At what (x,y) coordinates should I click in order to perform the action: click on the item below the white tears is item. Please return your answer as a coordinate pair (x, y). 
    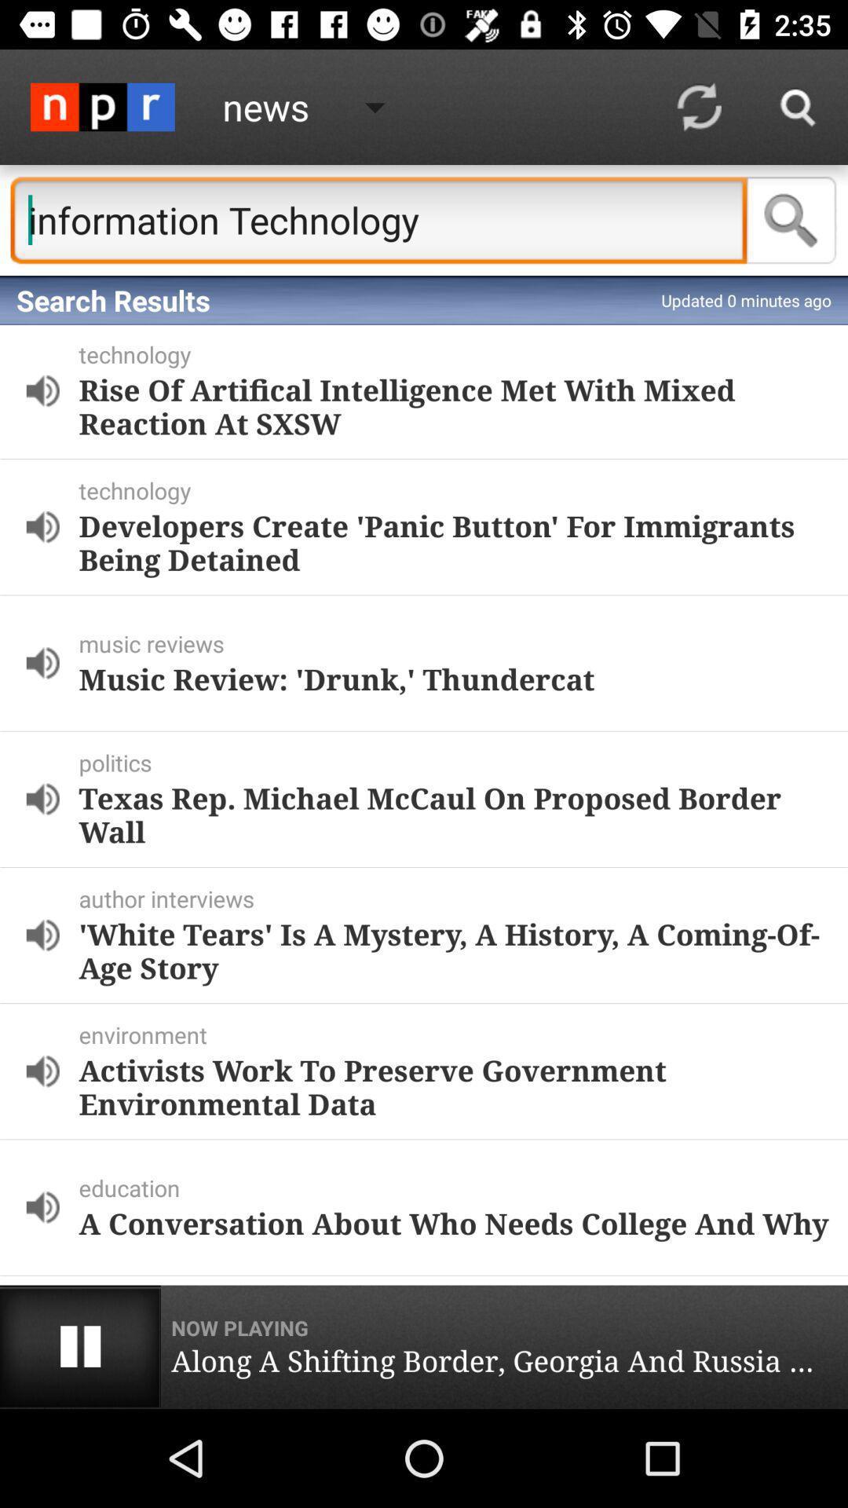
    Looking at the image, I should click on (459, 1034).